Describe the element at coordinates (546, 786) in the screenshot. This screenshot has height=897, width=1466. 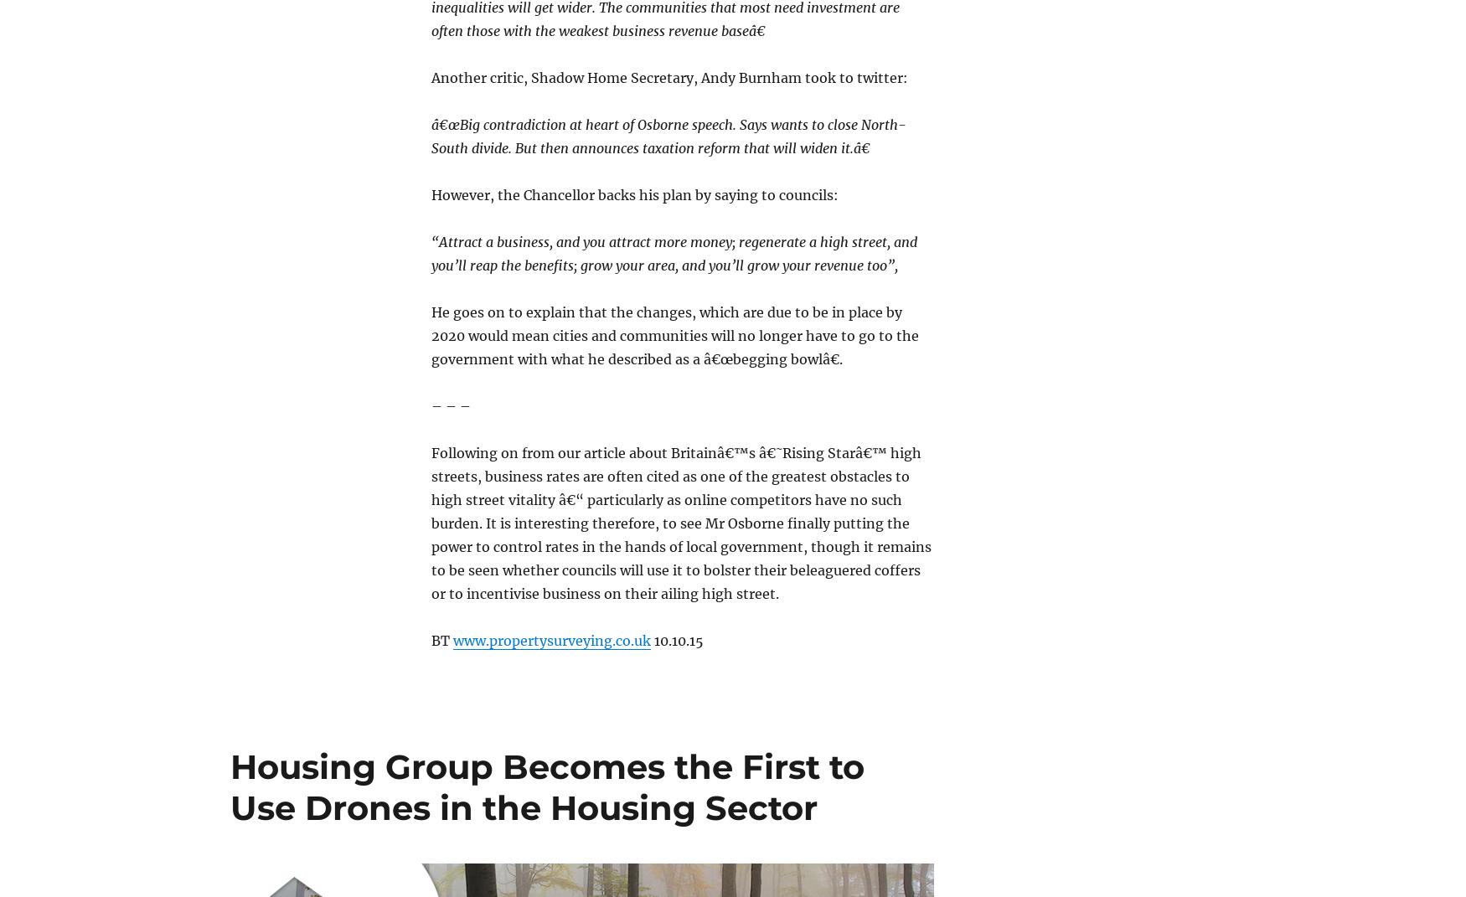
I see `'Housing Group Becomes the First to Use Drones in the Housing Sector'` at that location.